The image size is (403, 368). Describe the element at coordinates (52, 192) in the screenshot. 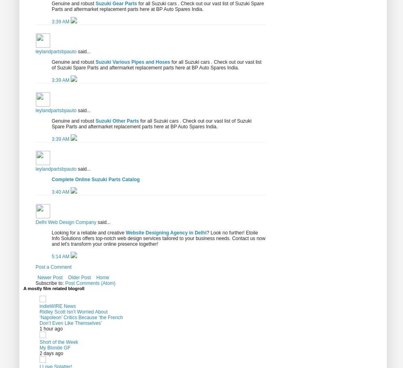

I see `'3:40 AM'` at that location.